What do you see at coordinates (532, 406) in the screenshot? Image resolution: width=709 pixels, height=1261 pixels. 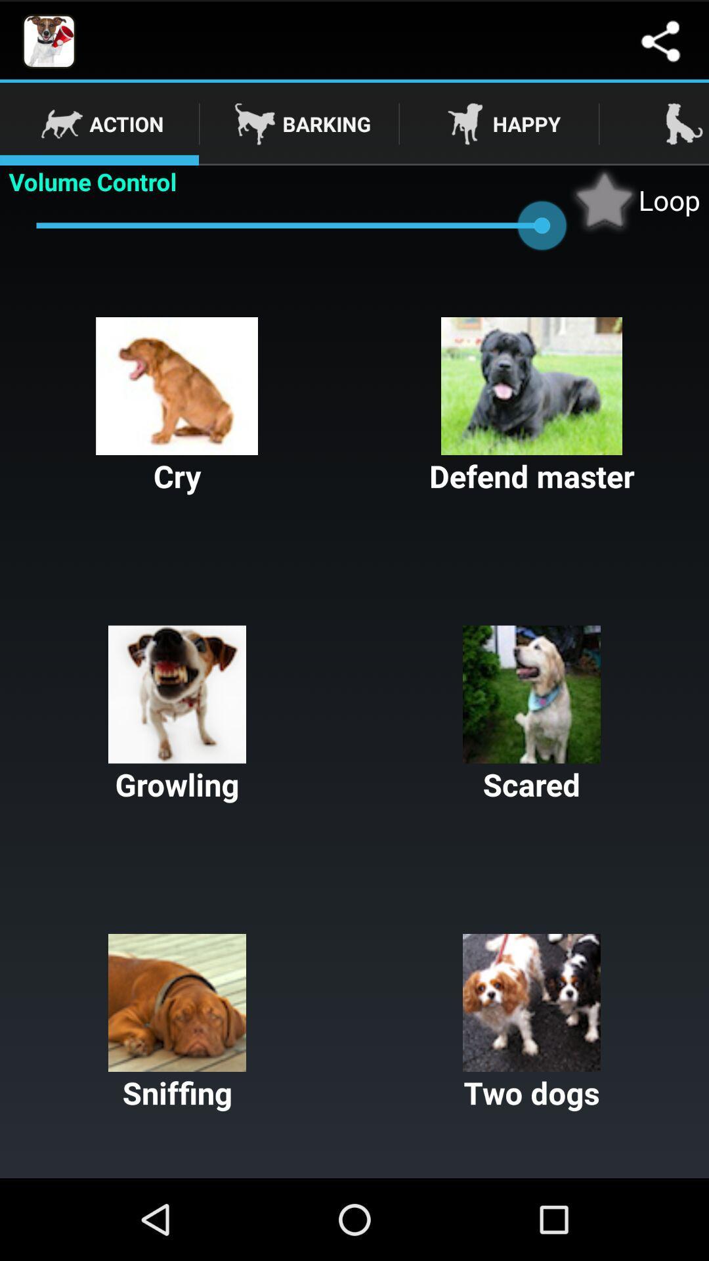 I see `the button to the right of cry item` at bounding box center [532, 406].